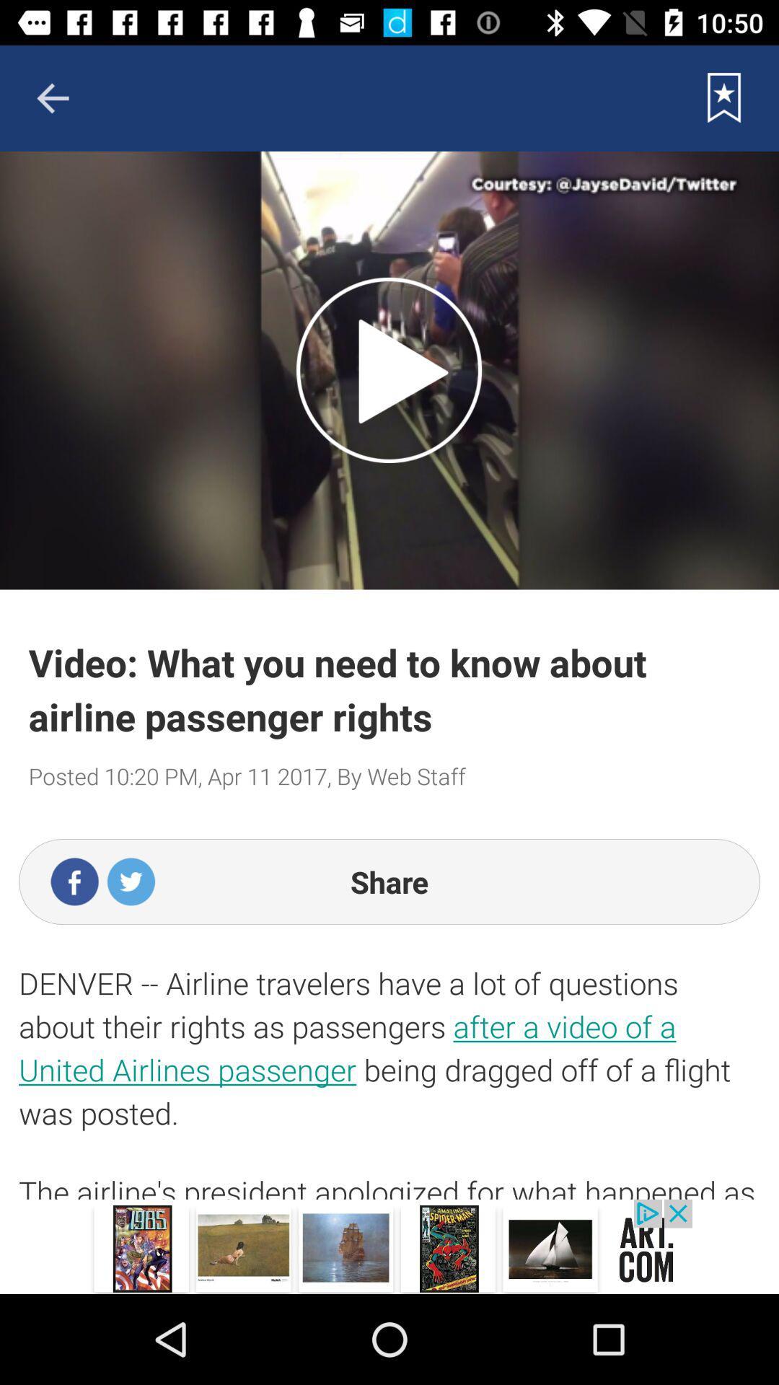  Describe the element at coordinates (724, 97) in the screenshot. I see `bookmark icon` at that location.